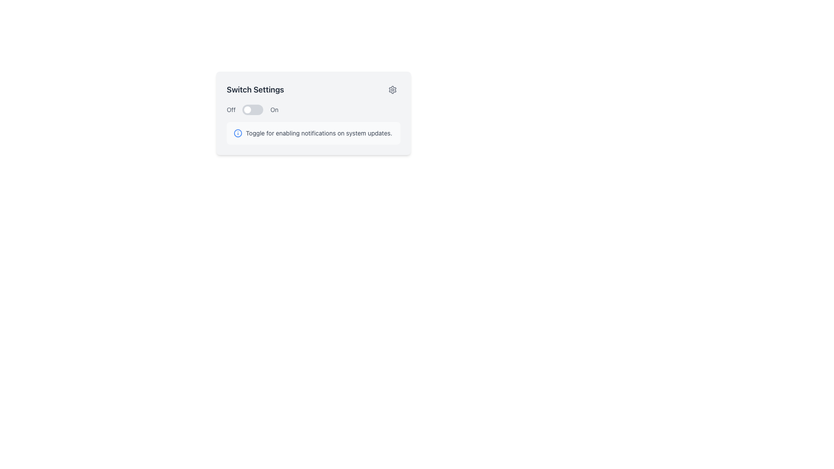 The height and width of the screenshot is (469, 834). Describe the element at coordinates (313, 113) in the screenshot. I see `the interactive toggle switch within the notification settings group element to switch between enabling and disabling notifications for system updates` at that location.